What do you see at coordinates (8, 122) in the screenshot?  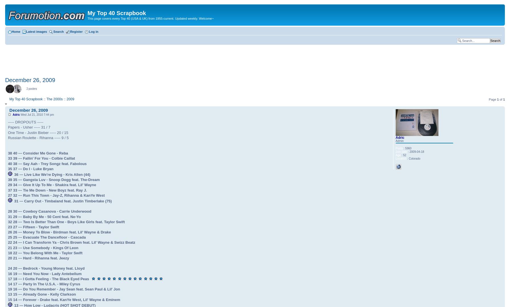 I see `'----- DROPOUTS -----'` at bounding box center [8, 122].